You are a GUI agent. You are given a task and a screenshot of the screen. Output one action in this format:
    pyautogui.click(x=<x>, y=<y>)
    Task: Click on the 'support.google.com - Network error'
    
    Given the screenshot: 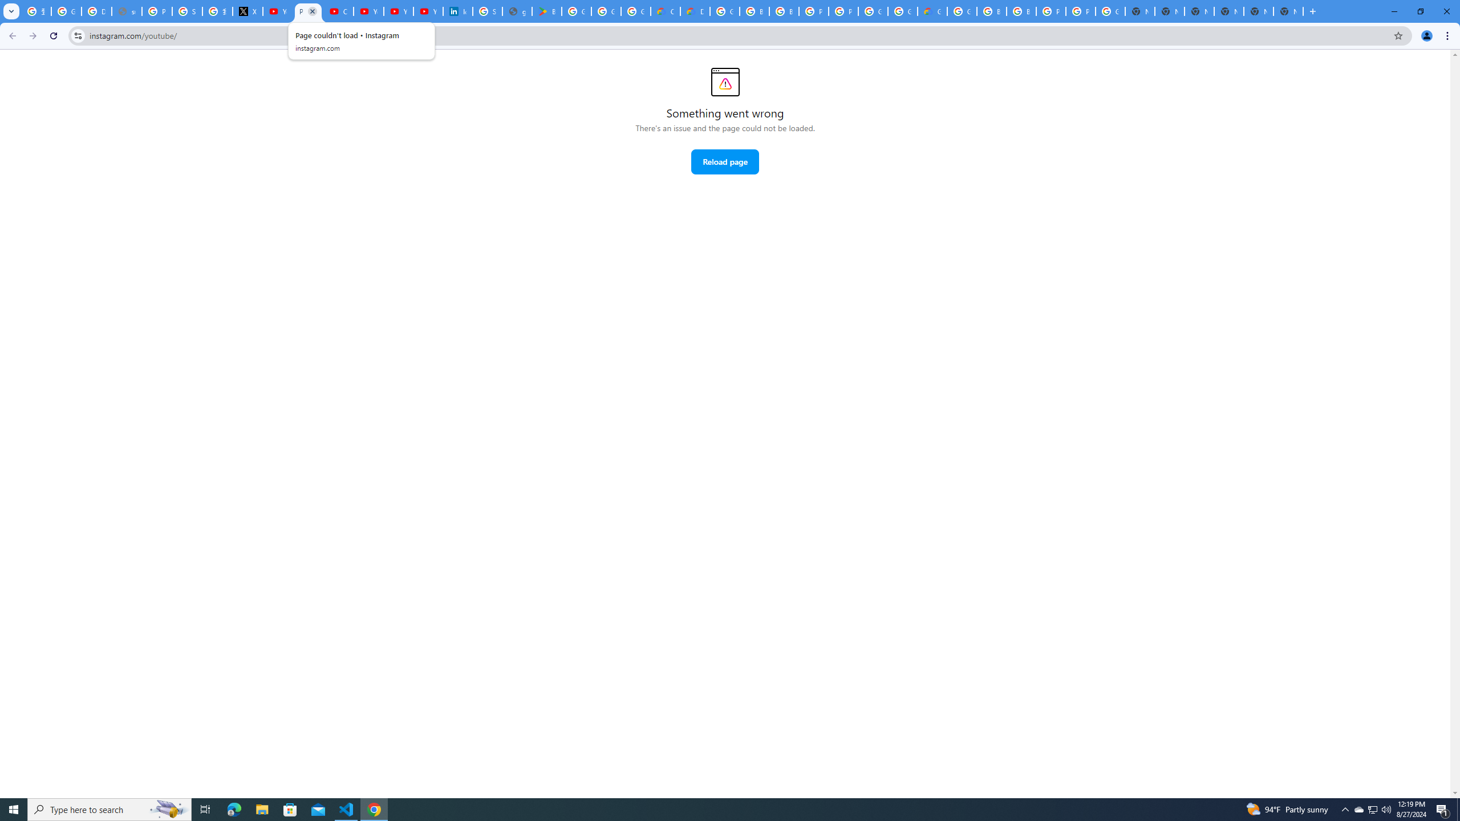 What is the action you would take?
    pyautogui.click(x=126, y=11)
    